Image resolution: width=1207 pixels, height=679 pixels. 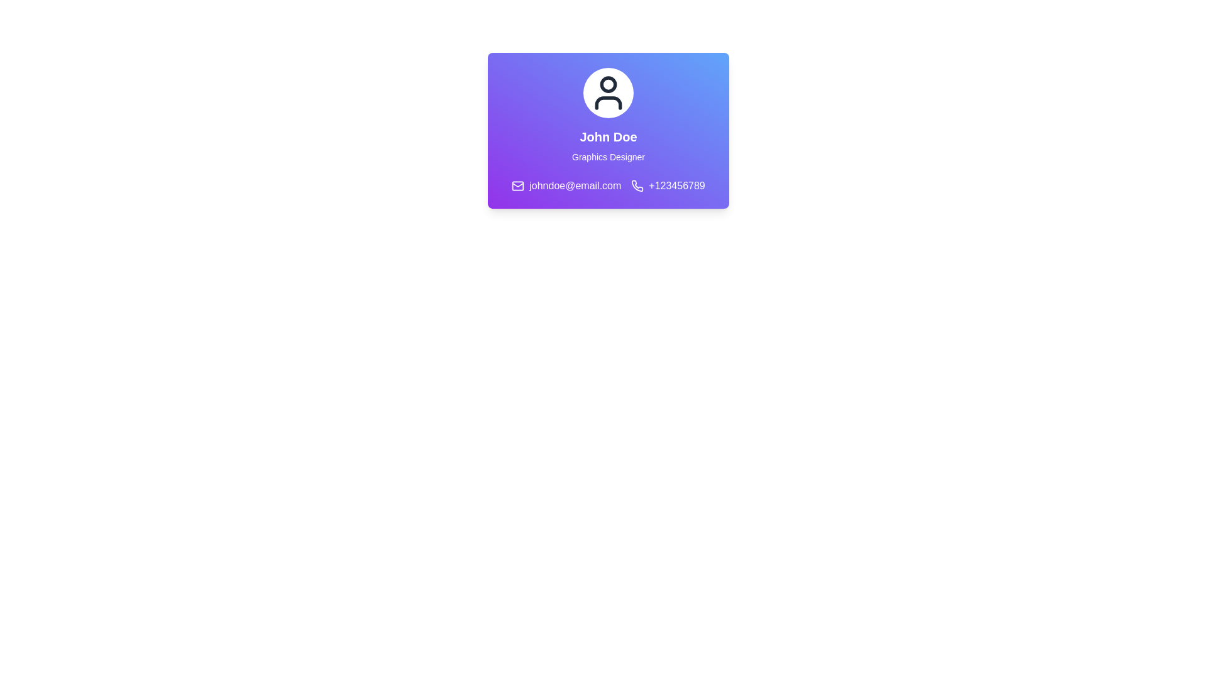 What do you see at coordinates (676, 186) in the screenshot?
I see `the Text Label displaying the text '+123456789' which is styled in white on a purple background, located next to a phone icon in the contact information section` at bounding box center [676, 186].